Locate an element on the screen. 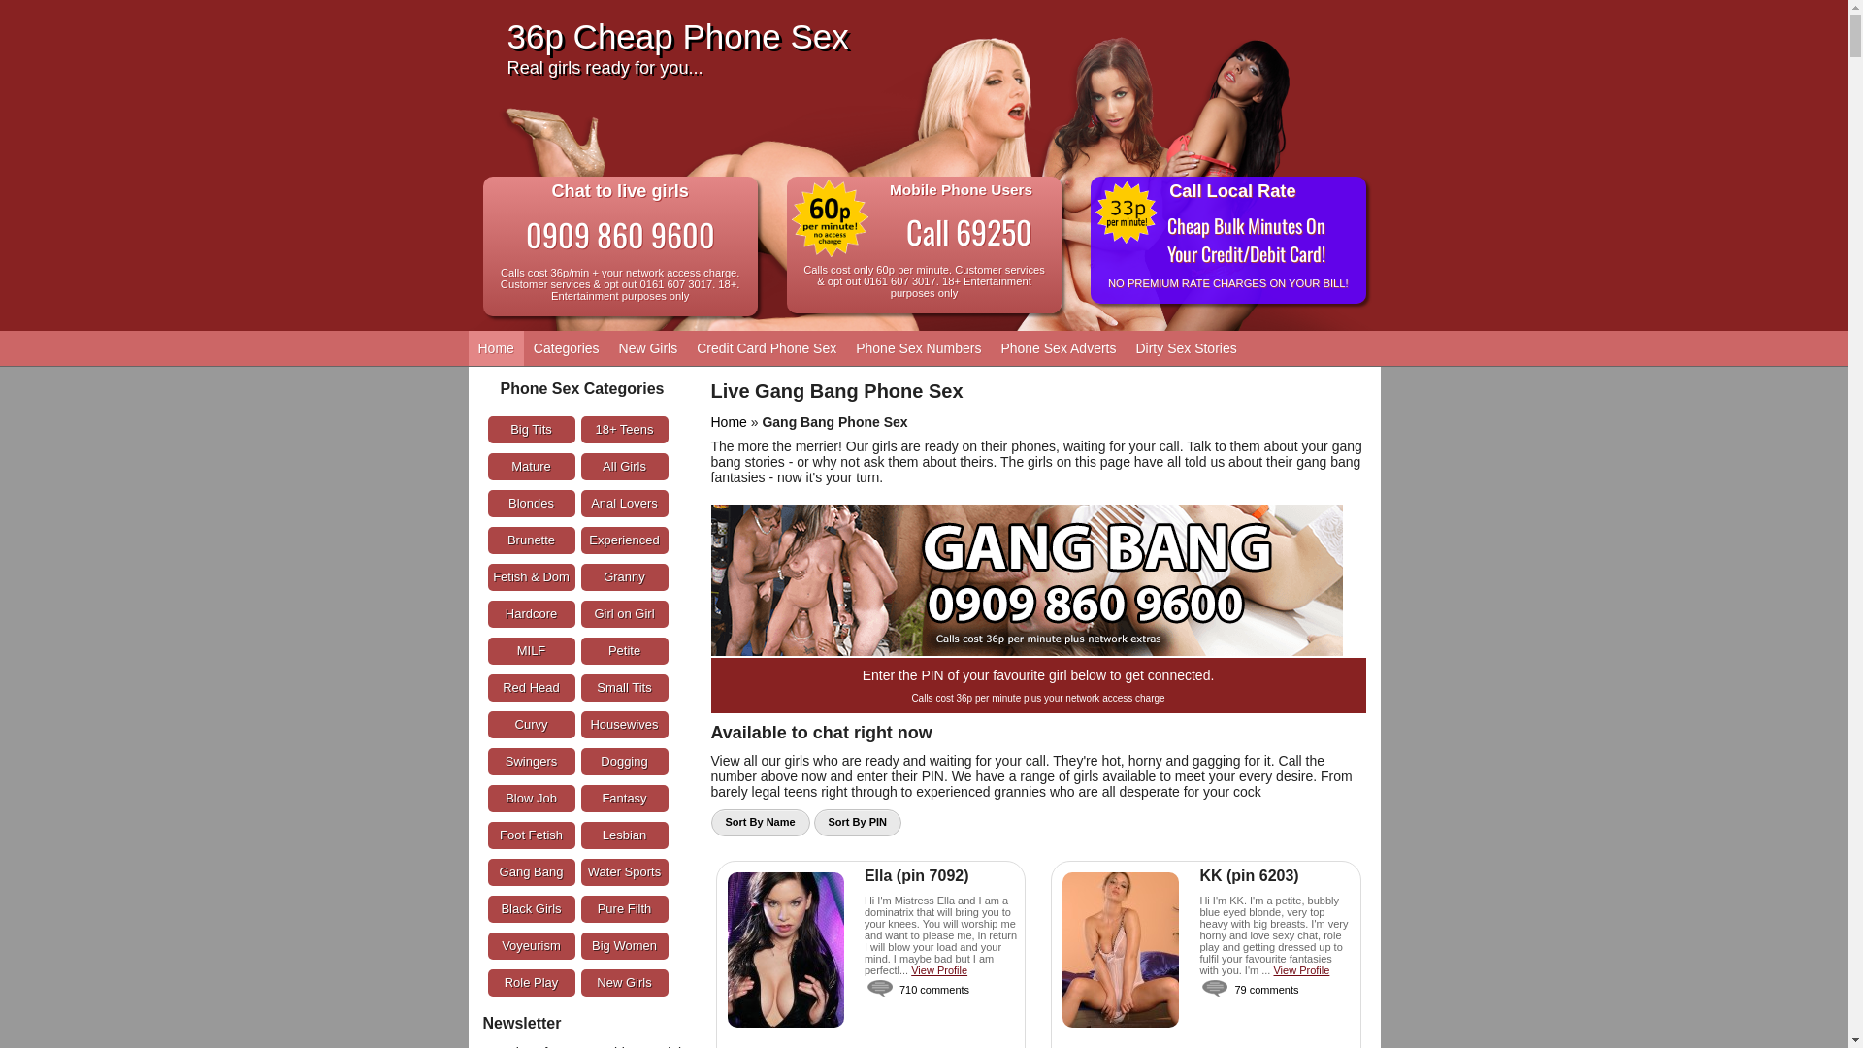 The height and width of the screenshot is (1048, 1863). 'Lesbian' is located at coordinates (624, 834).